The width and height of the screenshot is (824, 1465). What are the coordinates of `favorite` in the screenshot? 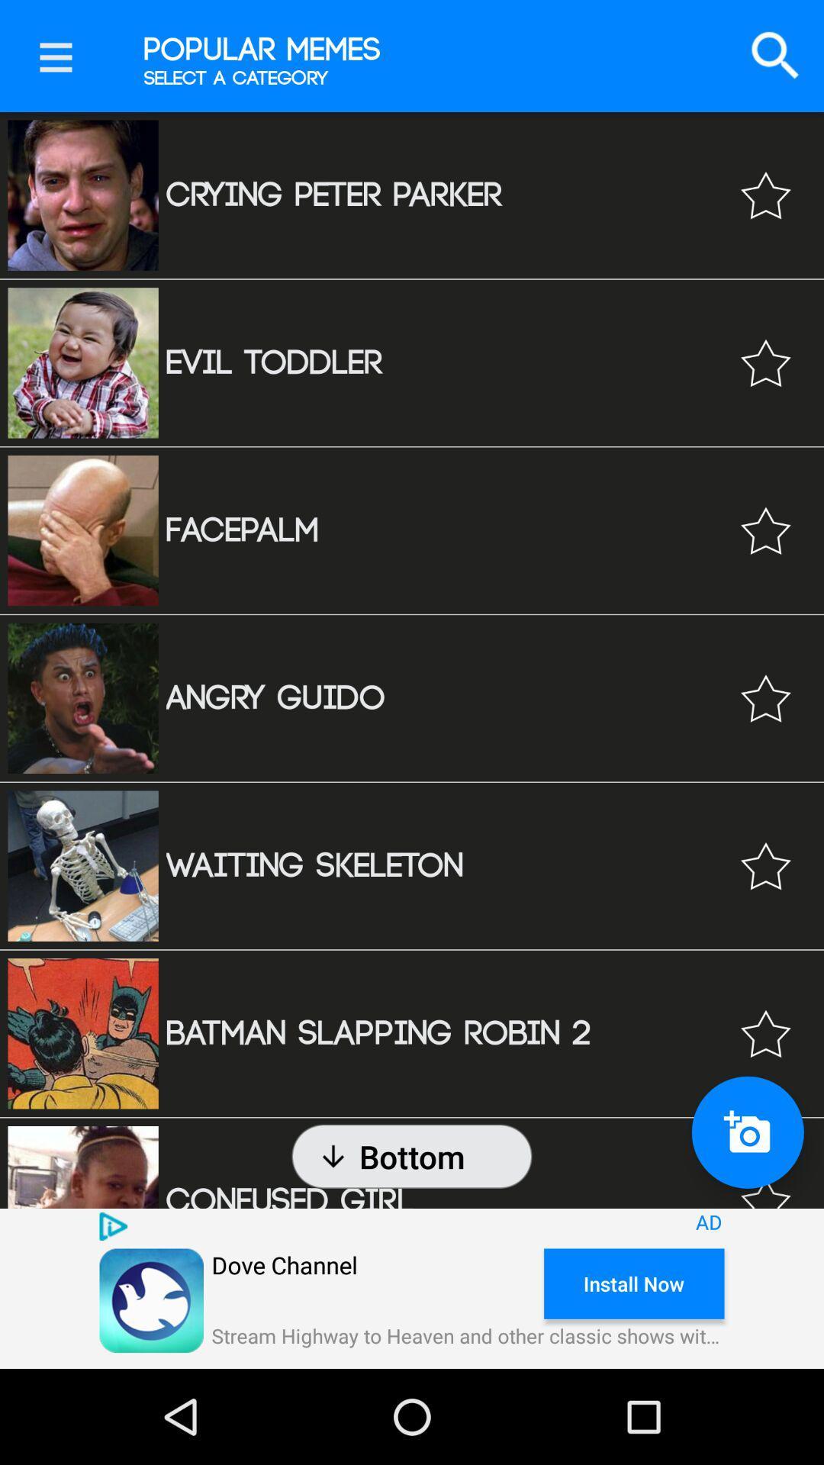 It's located at (765, 1179).